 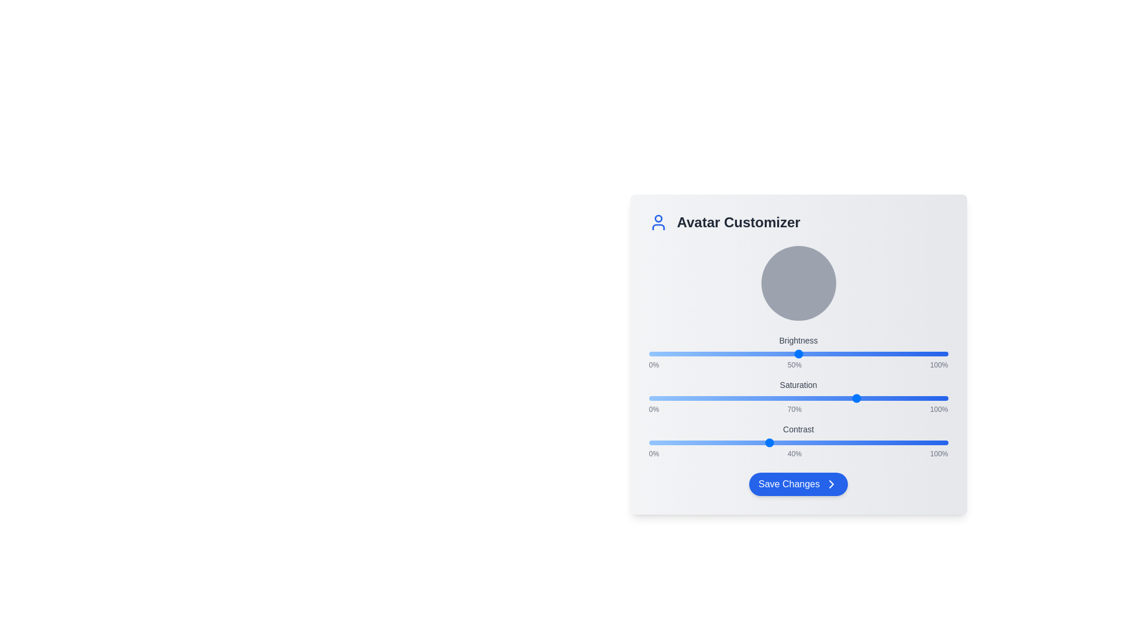 What do you see at coordinates (744, 398) in the screenshot?
I see `the Saturation slider to 32%` at bounding box center [744, 398].